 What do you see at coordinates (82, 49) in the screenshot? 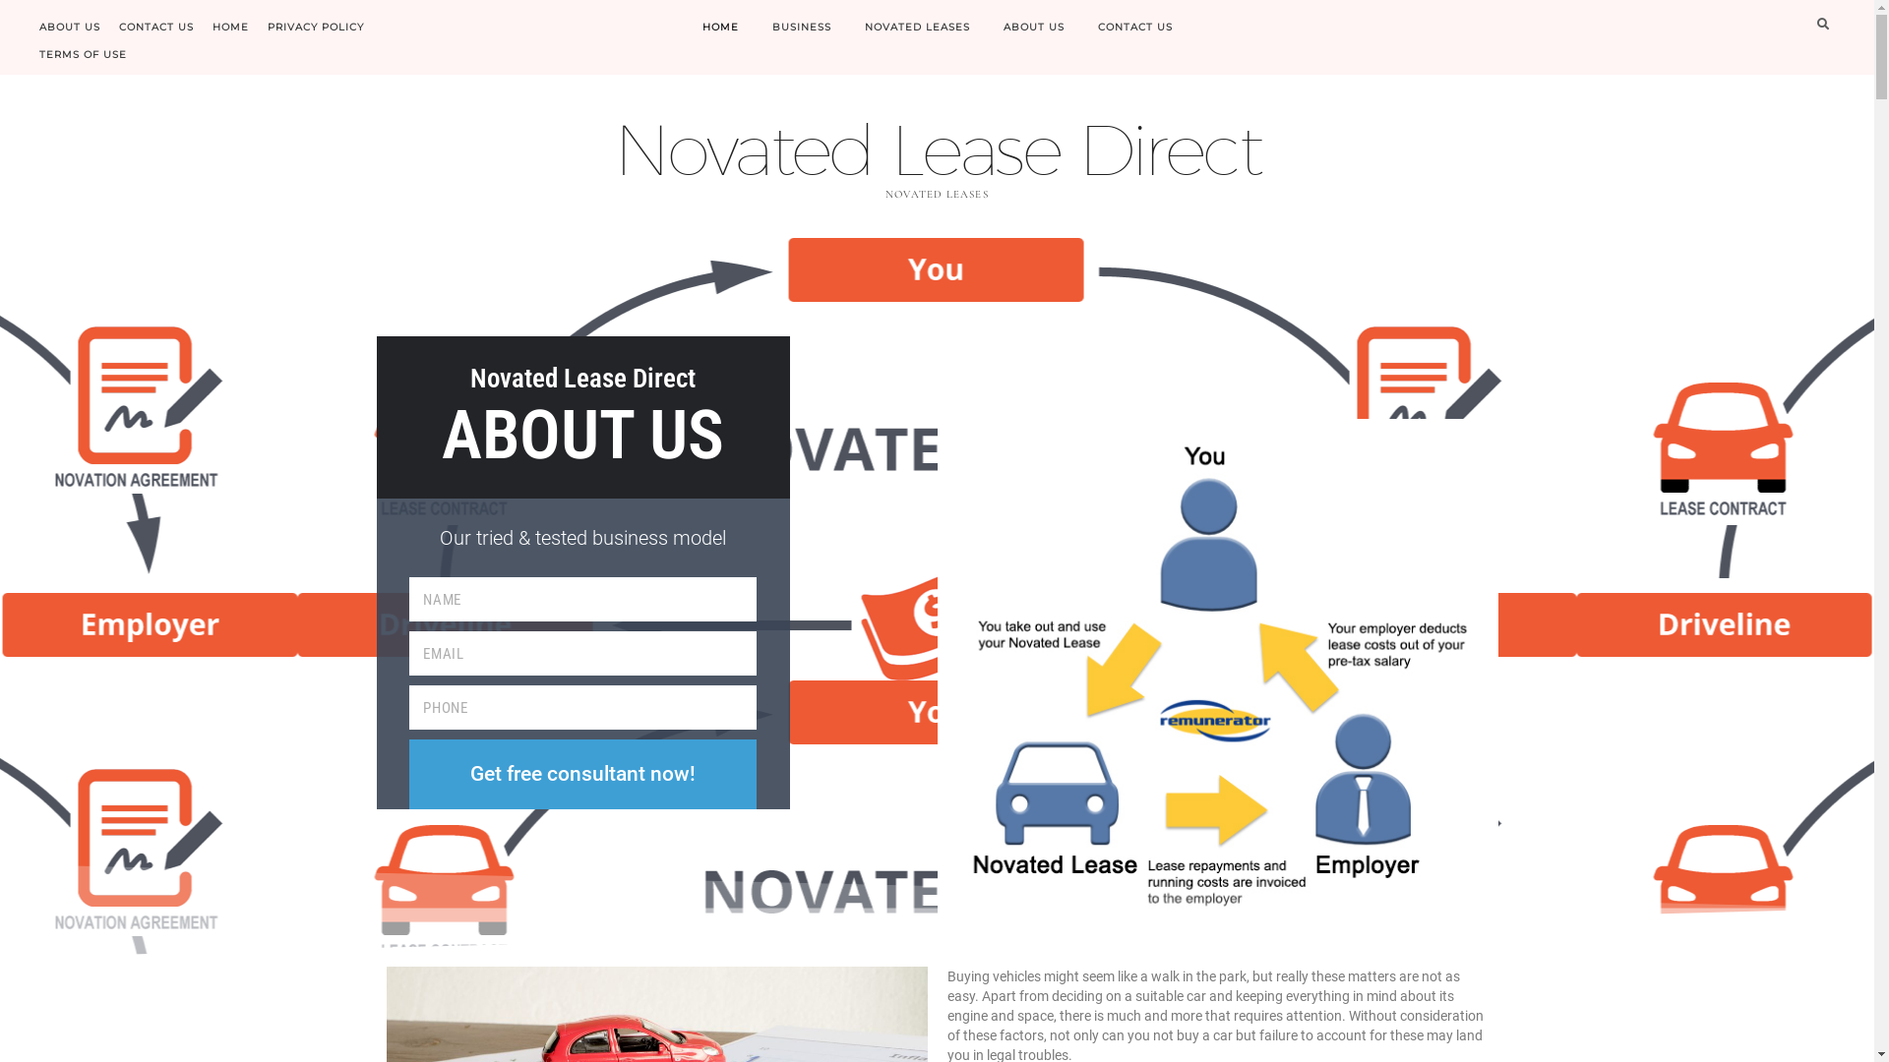
I see `'TERMS OF USE'` at bounding box center [82, 49].